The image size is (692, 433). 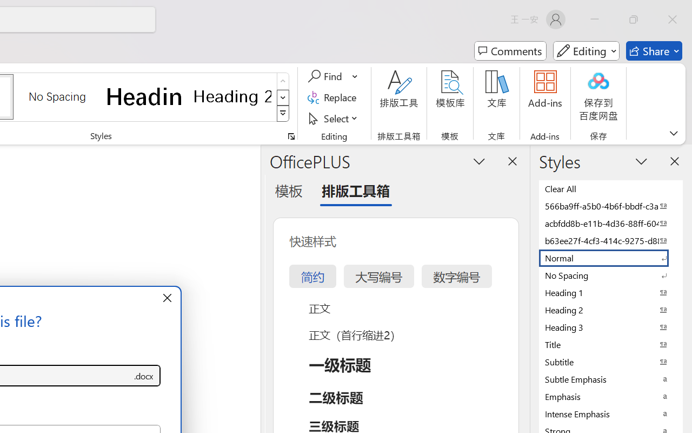 What do you see at coordinates (611, 223) in the screenshot?
I see `'acbfdd8b-e11b-4d36-88ff-6049b138f862'` at bounding box center [611, 223].